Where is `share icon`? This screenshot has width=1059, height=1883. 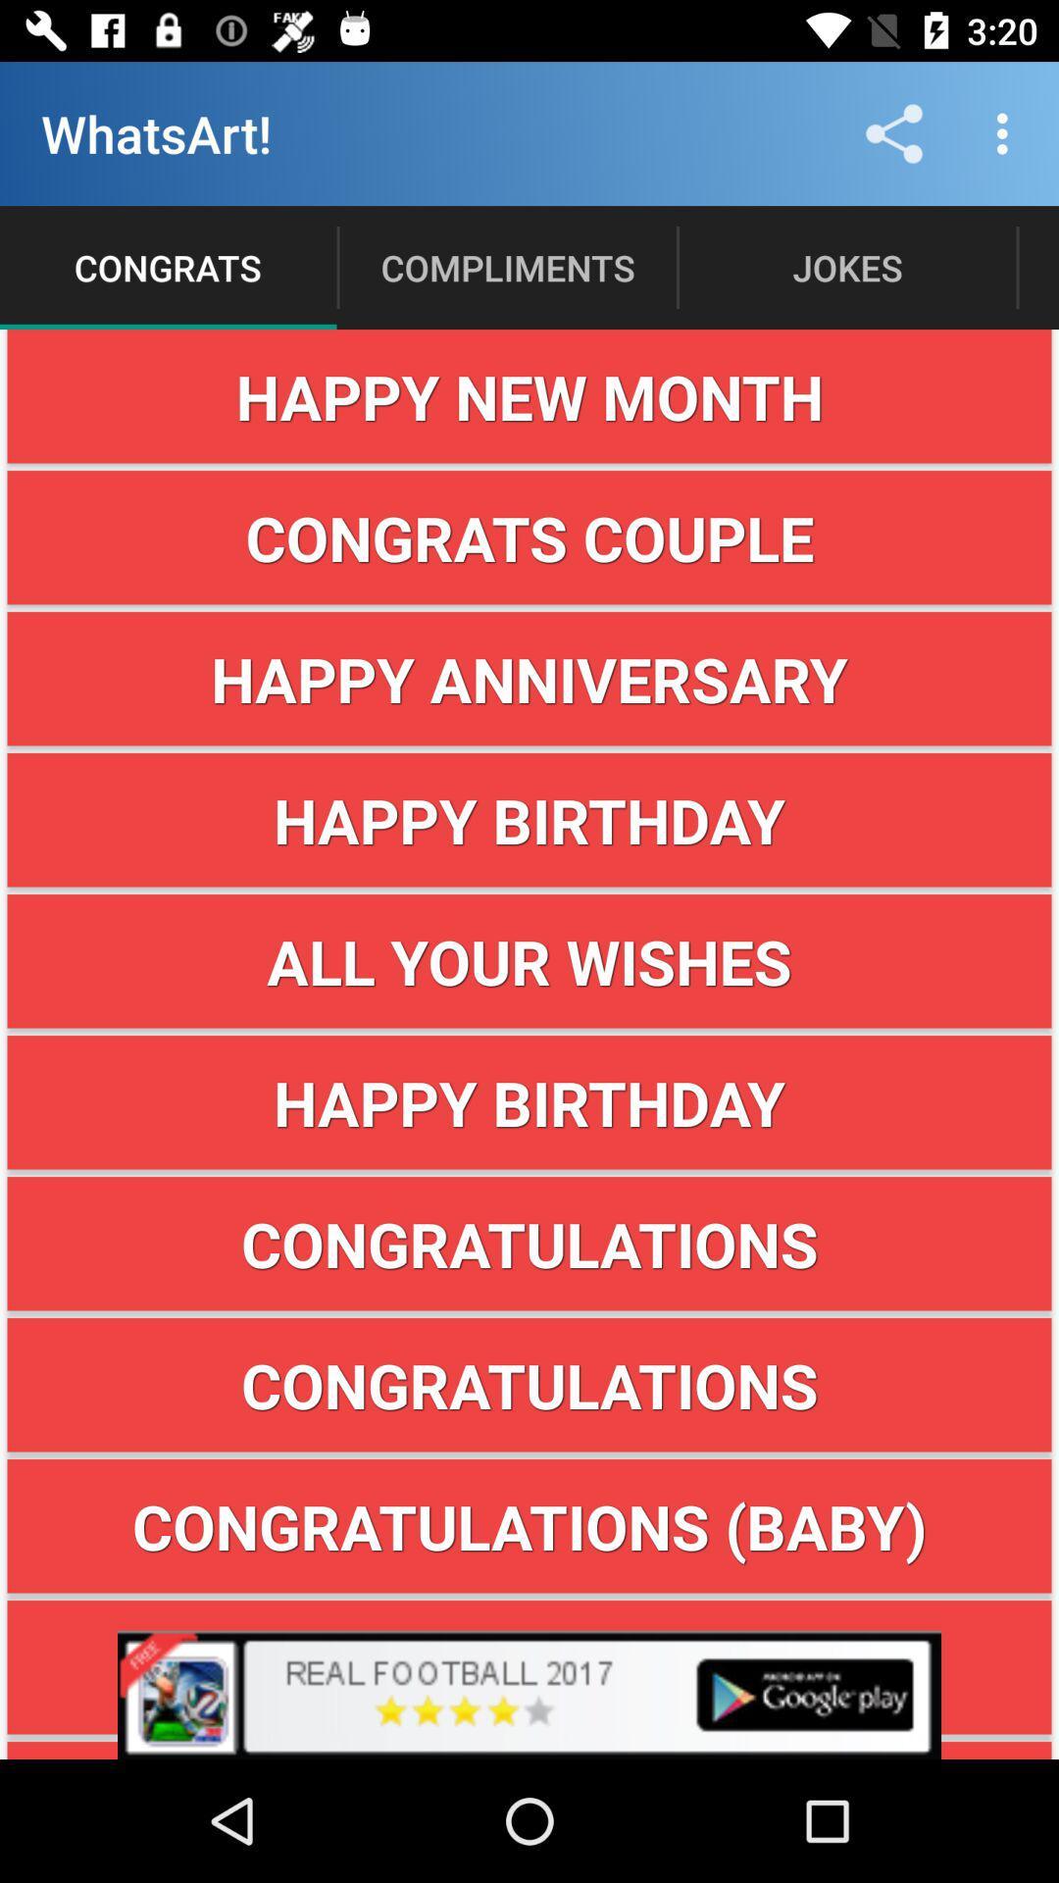 share icon is located at coordinates (893, 133).